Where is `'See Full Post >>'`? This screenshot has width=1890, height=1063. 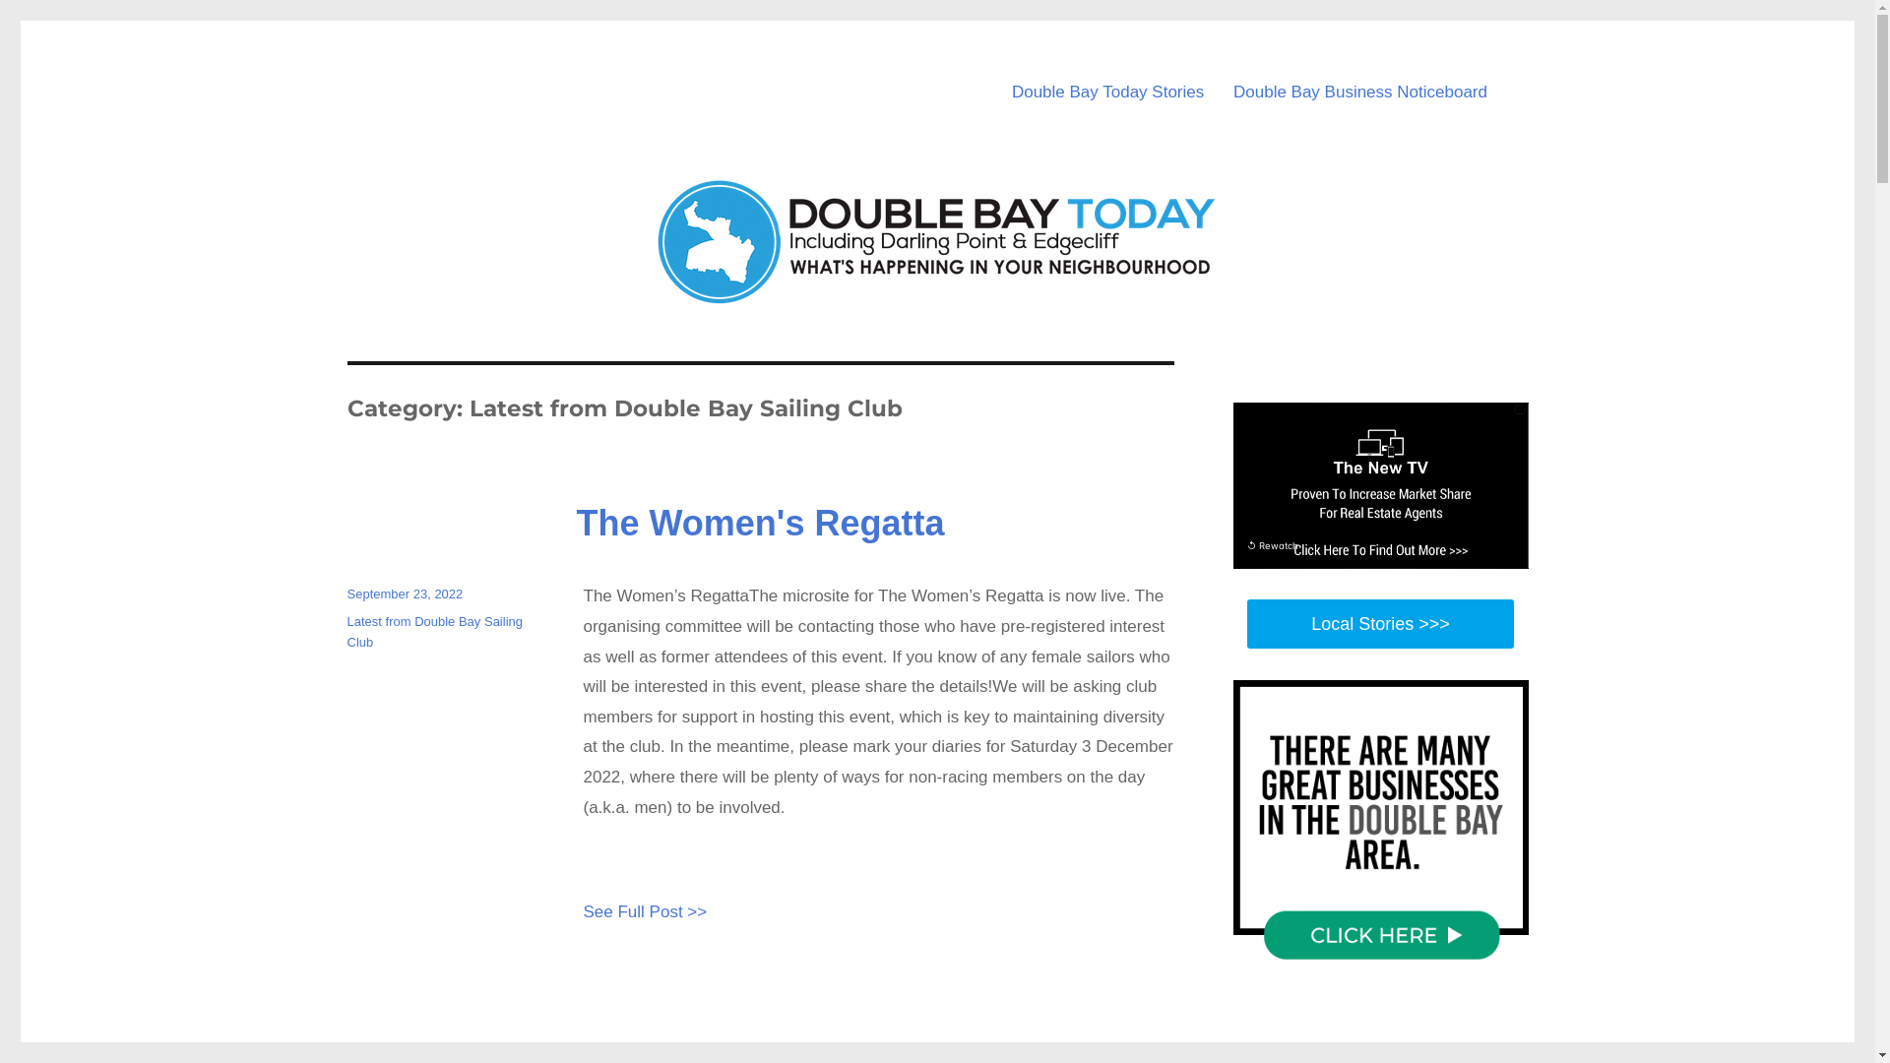
'See Full Post >>' is located at coordinates (581, 911).